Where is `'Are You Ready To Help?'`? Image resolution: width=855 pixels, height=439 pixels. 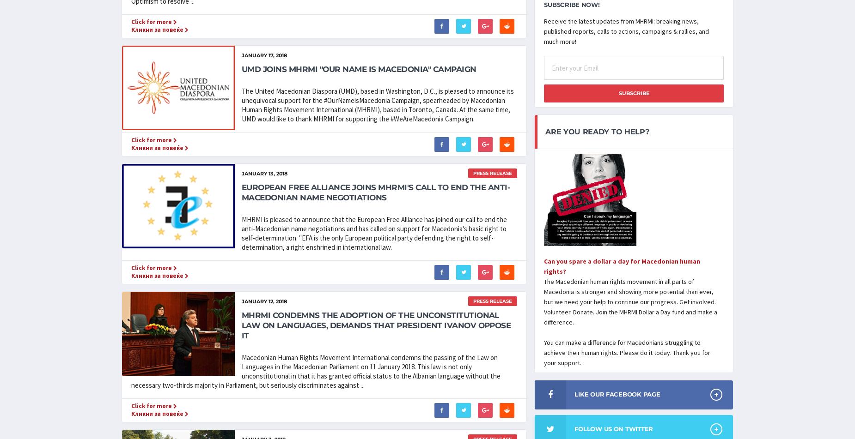
'Are You Ready To Help?' is located at coordinates (544, 131).